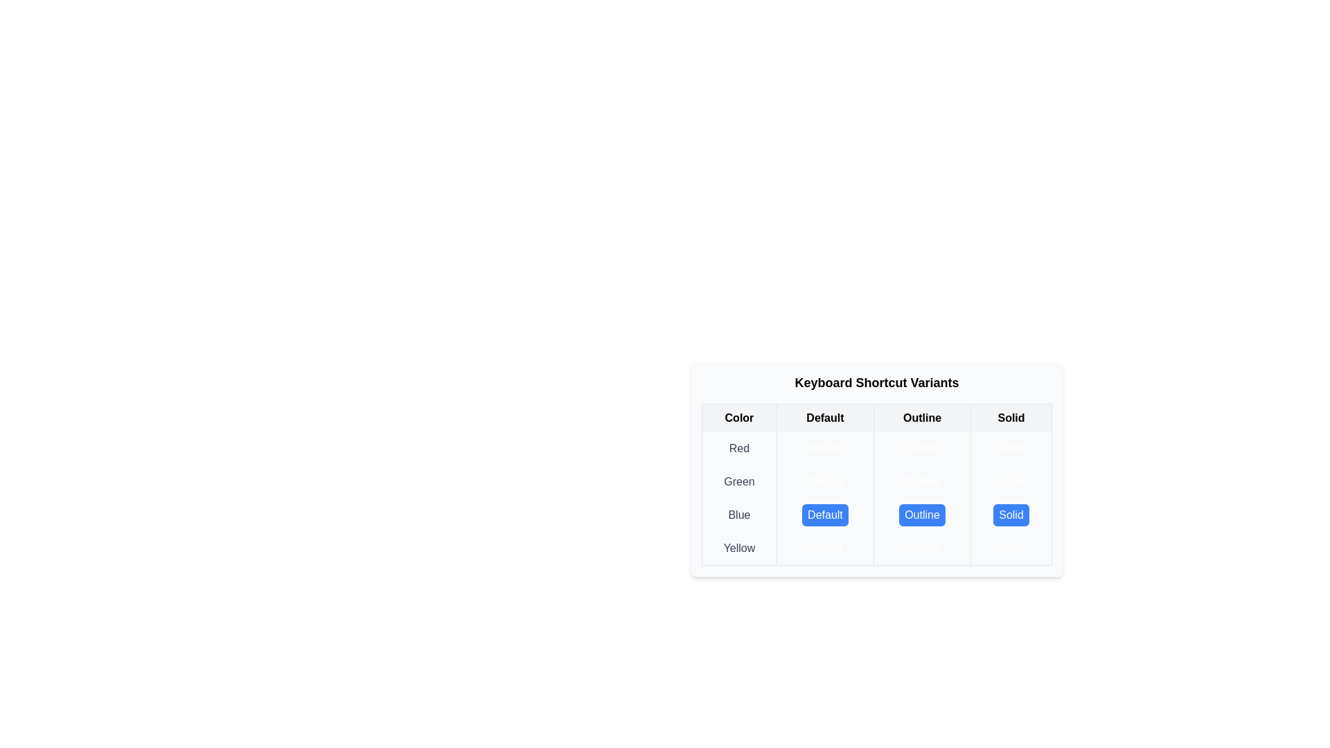 The image size is (1330, 748). I want to click on the rectangular 'Outline' button with white text on a blue background, located in the third column of the 'Blue' row, so click(922, 515).